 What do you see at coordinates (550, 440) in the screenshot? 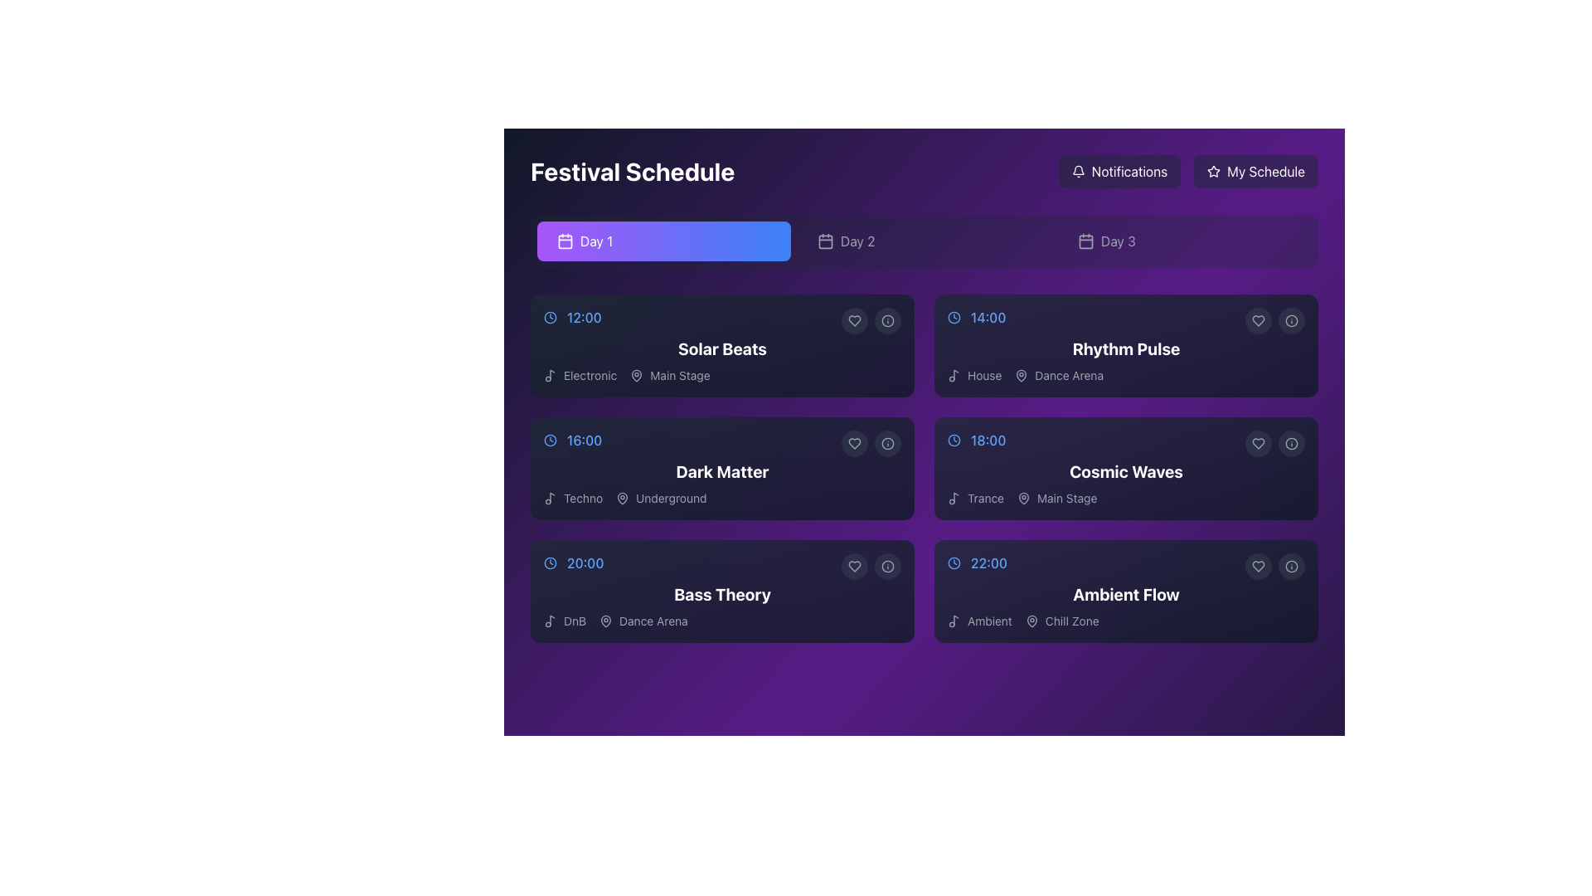
I see `the decorative clock icon located in the card listing for the event 'Dark Matter', which is positioned in the second row, first column of the event schedule layout, adjacent to the time '16:00'` at bounding box center [550, 440].